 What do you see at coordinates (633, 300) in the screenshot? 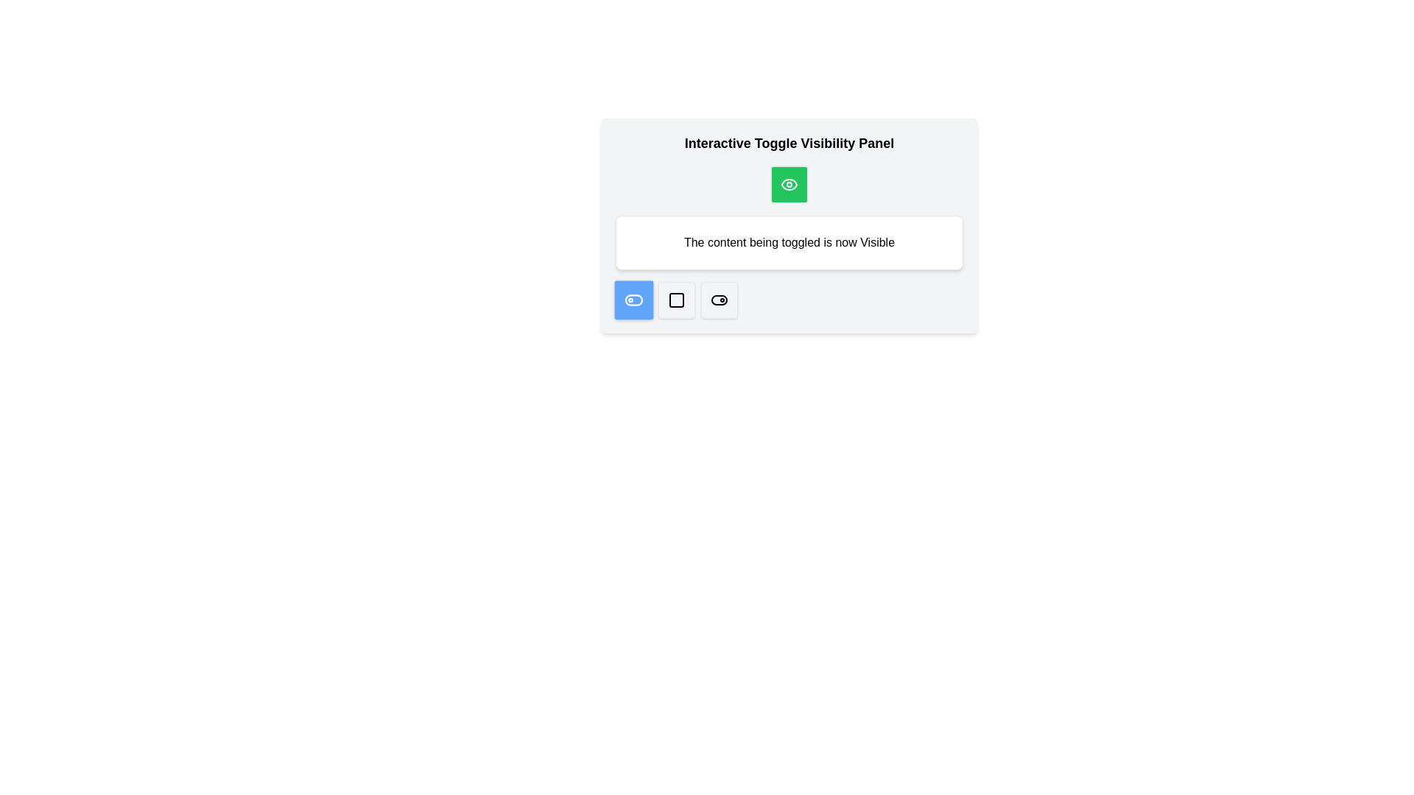
I see `the left-aligned toggle switch icon within the blue rectangular button located at the bottom-left of the panel` at bounding box center [633, 300].